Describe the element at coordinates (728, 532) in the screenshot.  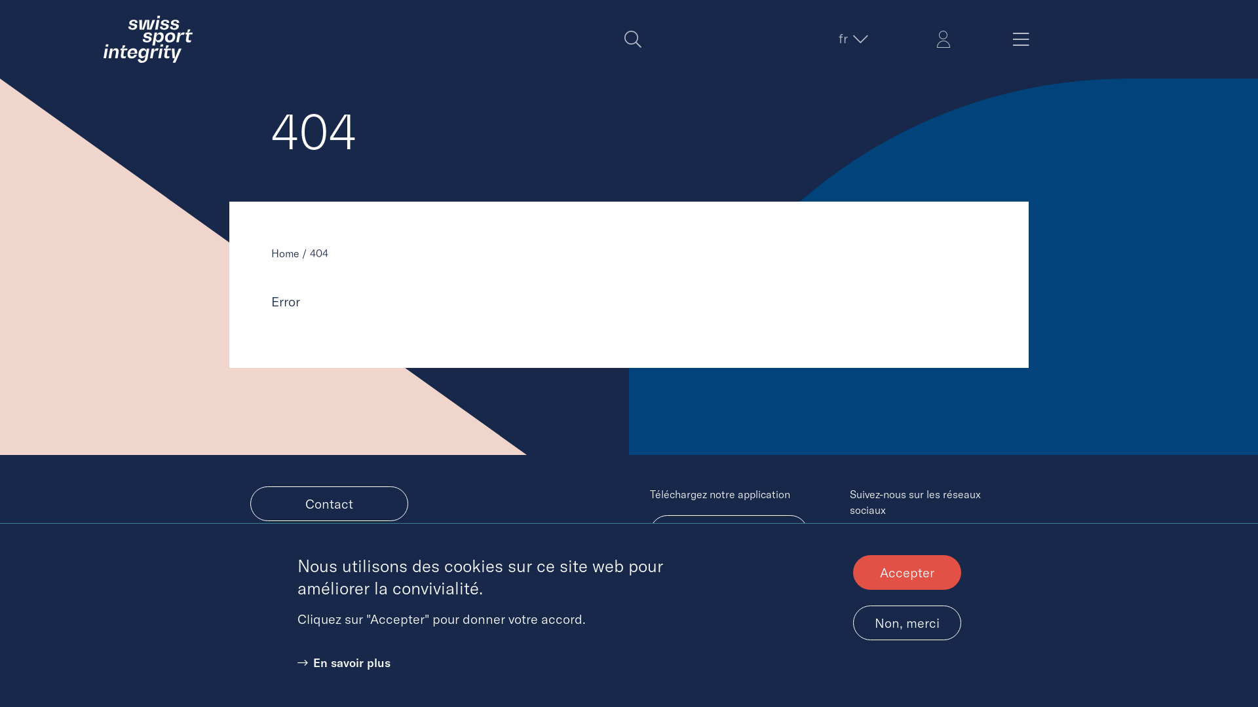
I see `'Android'` at that location.